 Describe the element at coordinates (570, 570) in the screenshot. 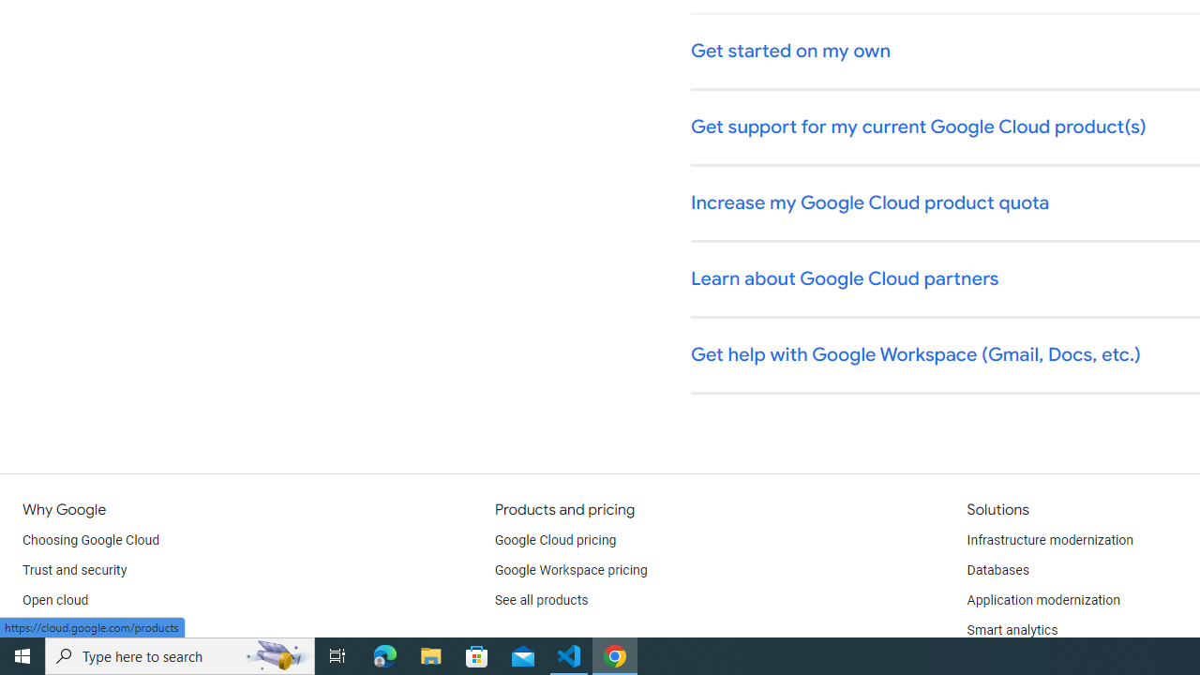

I see `'Google Workspace pricing'` at that location.